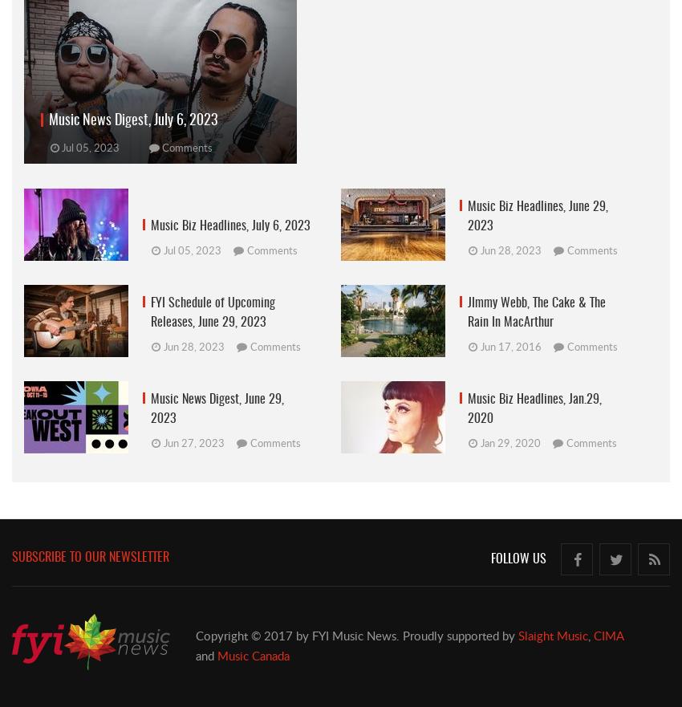 This screenshot has width=682, height=707. What do you see at coordinates (621, 583) in the screenshot?
I see `'Follow us on Twitter'` at bounding box center [621, 583].